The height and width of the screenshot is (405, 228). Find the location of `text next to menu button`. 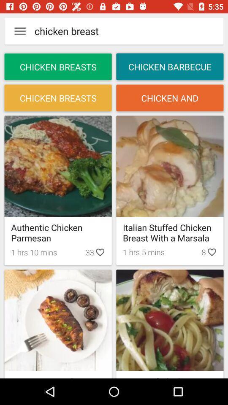

text next to menu button is located at coordinates (118, 31).